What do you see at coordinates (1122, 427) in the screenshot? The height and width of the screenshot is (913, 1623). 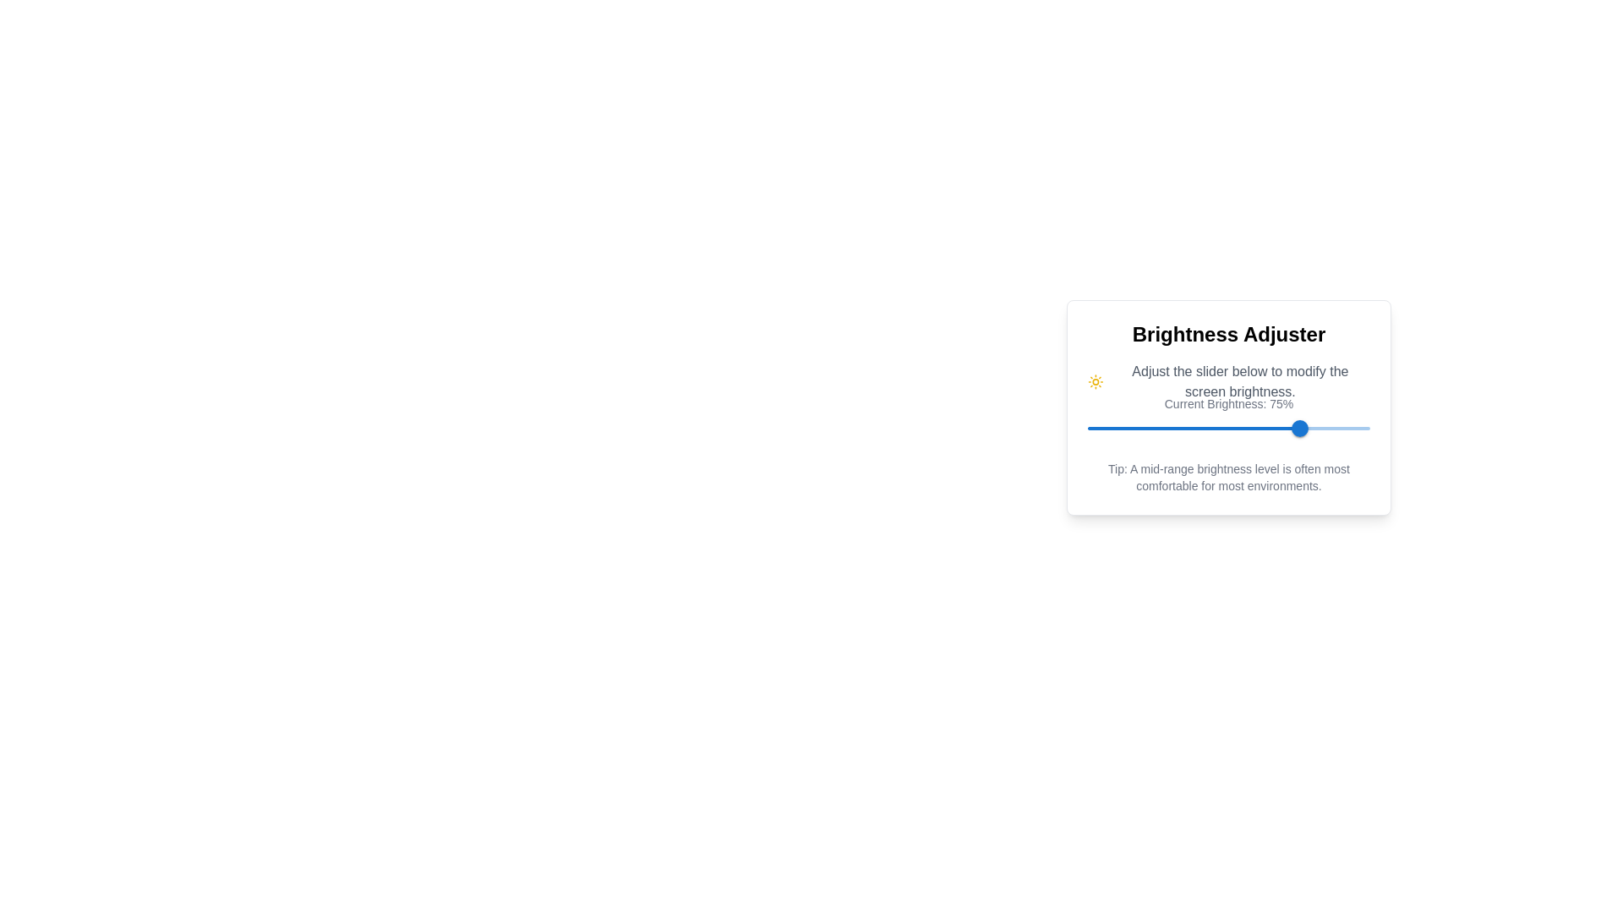 I see `brightness level` at bounding box center [1122, 427].